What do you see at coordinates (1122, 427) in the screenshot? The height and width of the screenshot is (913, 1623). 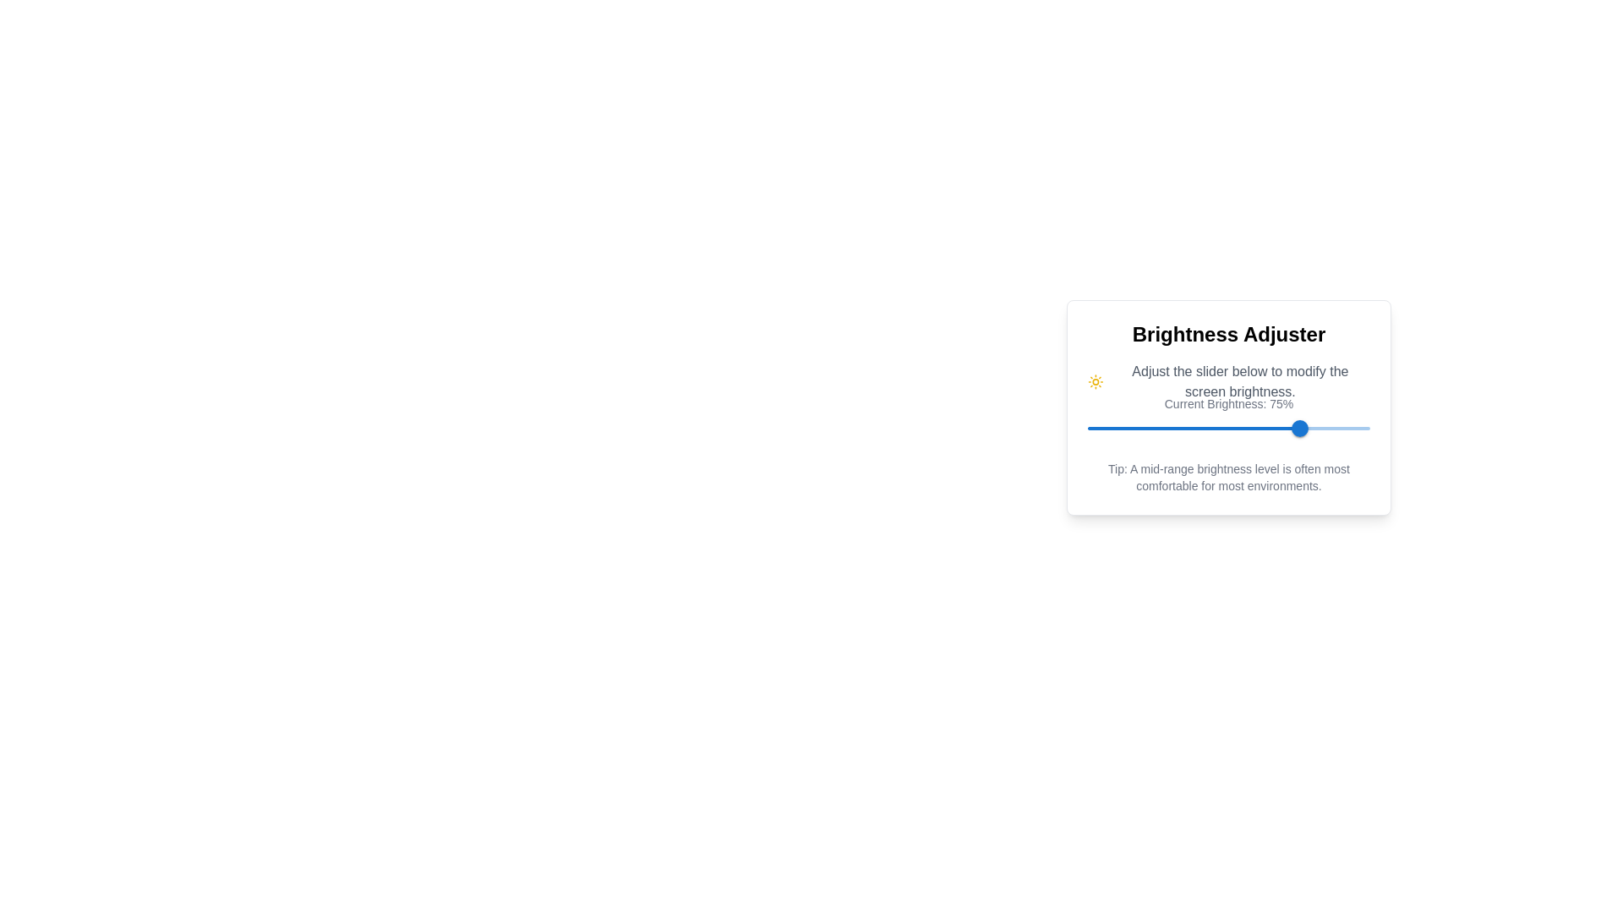 I see `brightness level` at bounding box center [1122, 427].